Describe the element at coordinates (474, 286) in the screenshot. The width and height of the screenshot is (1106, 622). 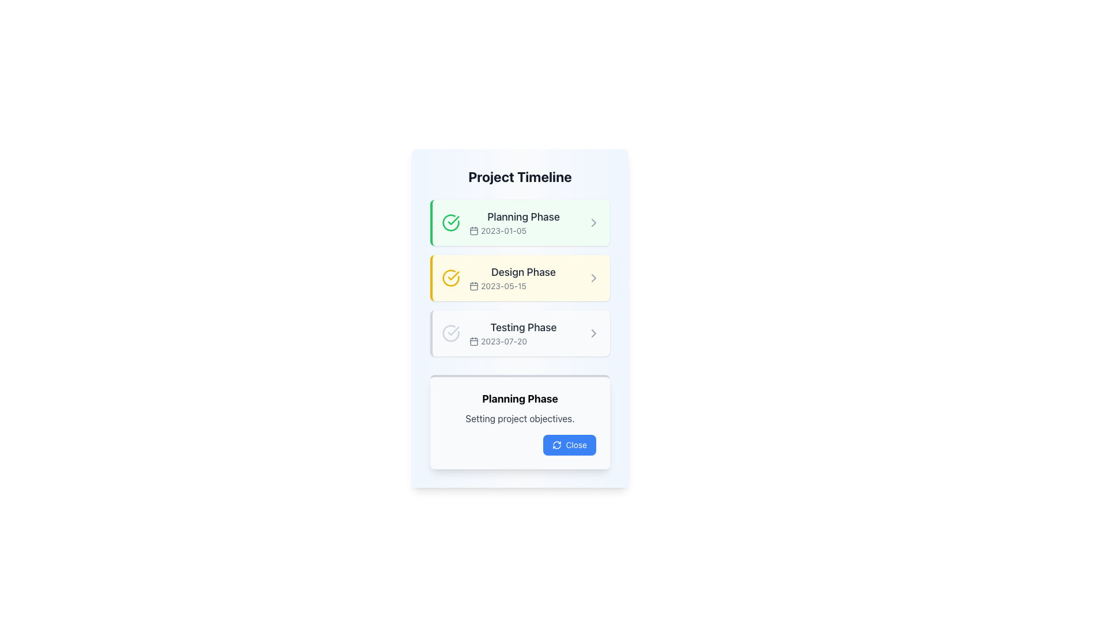
I see `the calendar icon, which is a minimalistic squared shape with rounded corners located` at that location.